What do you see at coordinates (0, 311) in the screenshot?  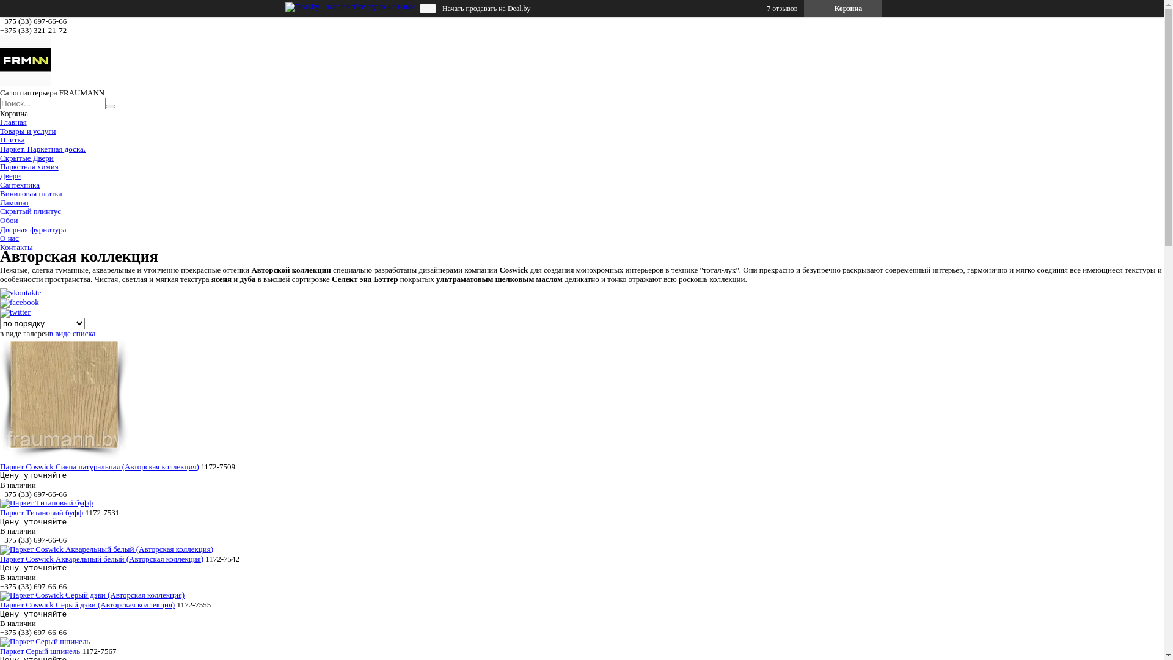 I see `'twitter'` at bounding box center [0, 311].